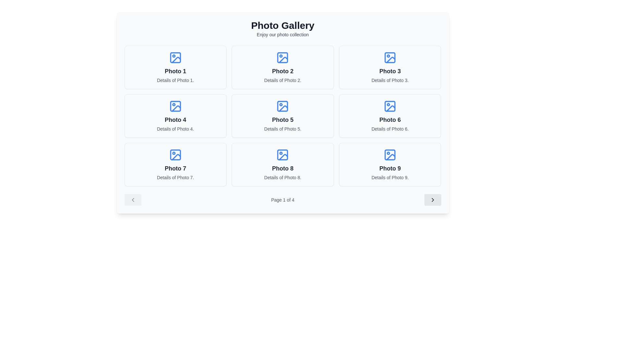 This screenshot has height=350, width=623. Describe the element at coordinates (390, 57) in the screenshot. I see `the rectangular photographic icon within the grid cell labeled 'Photo 3' located at the top-right corner of the photo gallery` at that location.